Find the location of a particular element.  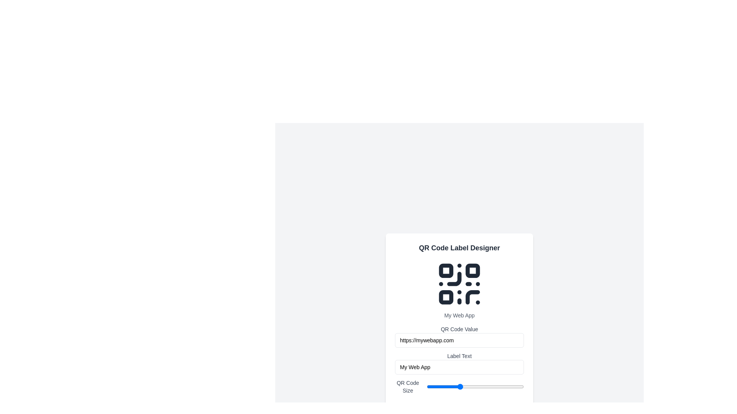

the QR code size is located at coordinates (444, 387).